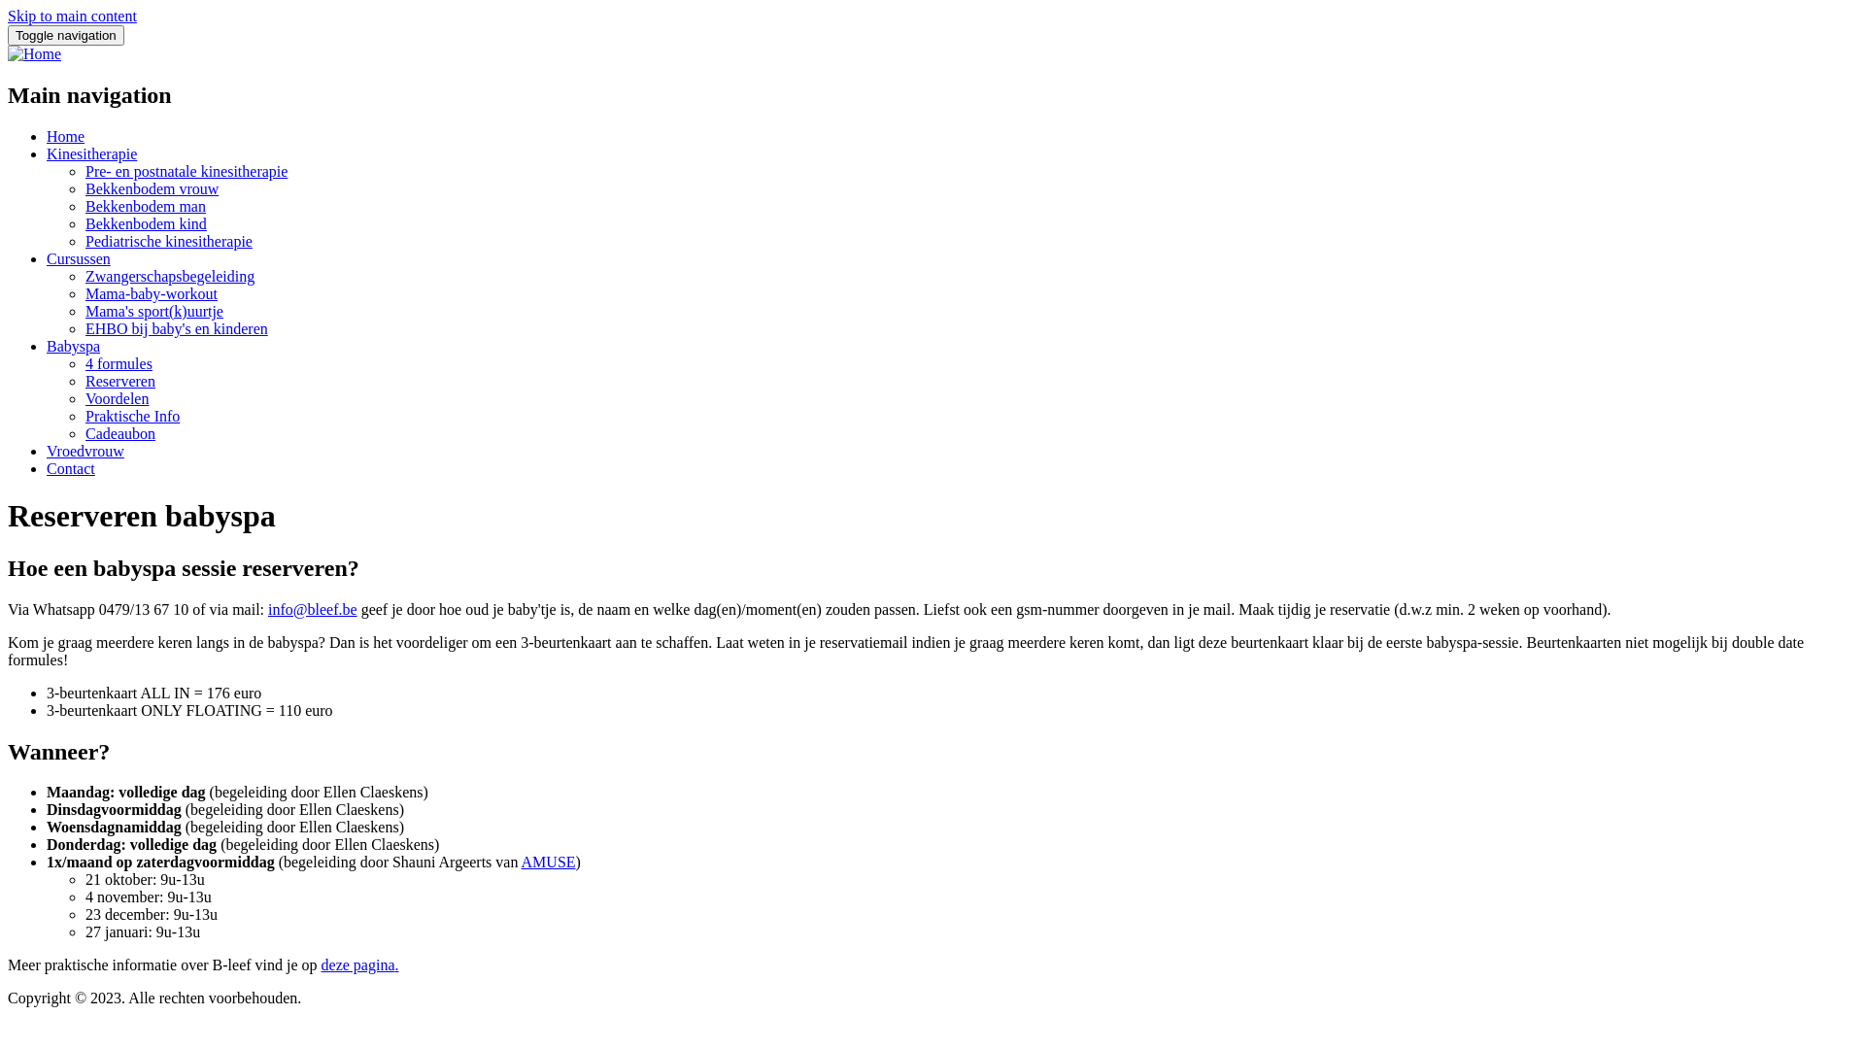  What do you see at coordinates (73, 345) in the screenshot?
I see `'Babyspa'` at bounding box center [73, 345].